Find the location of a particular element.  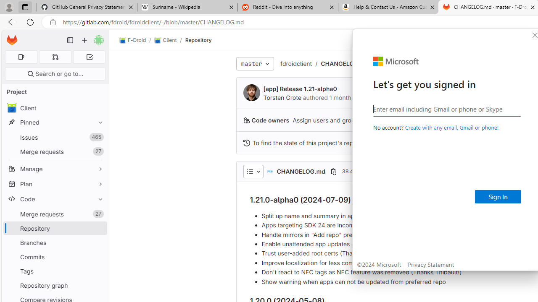

'Merge requests 27' is located at coordinates (55, 213).